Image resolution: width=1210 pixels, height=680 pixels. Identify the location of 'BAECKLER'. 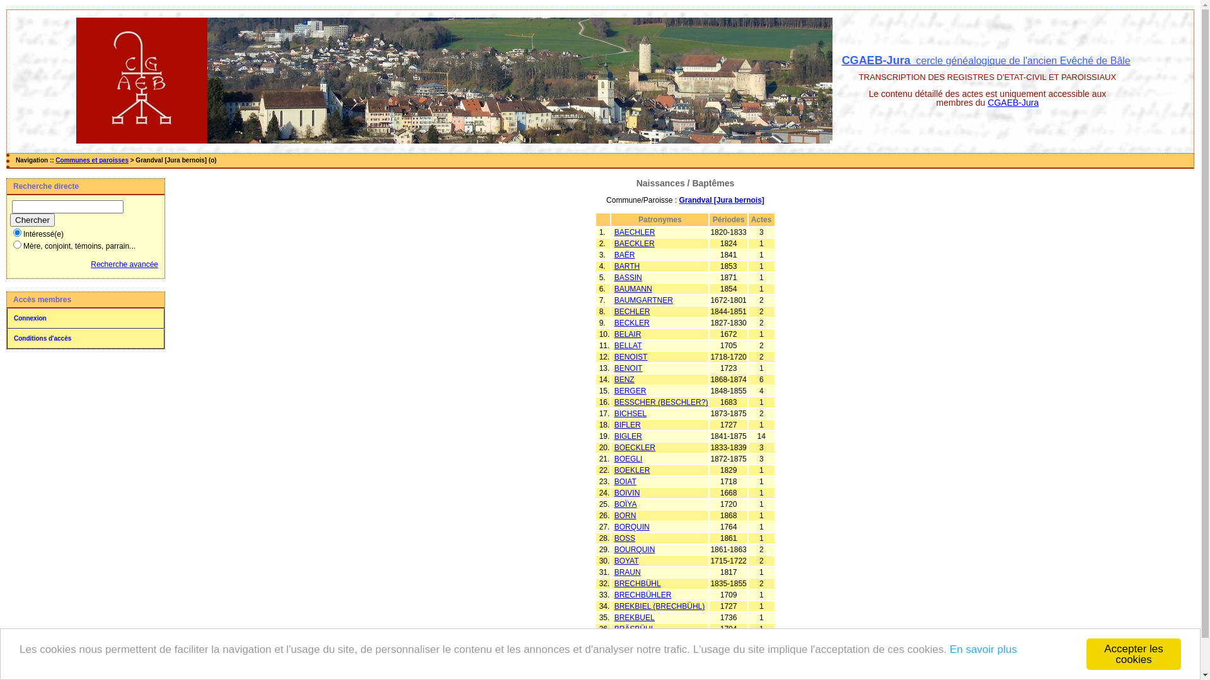
(635, 243).